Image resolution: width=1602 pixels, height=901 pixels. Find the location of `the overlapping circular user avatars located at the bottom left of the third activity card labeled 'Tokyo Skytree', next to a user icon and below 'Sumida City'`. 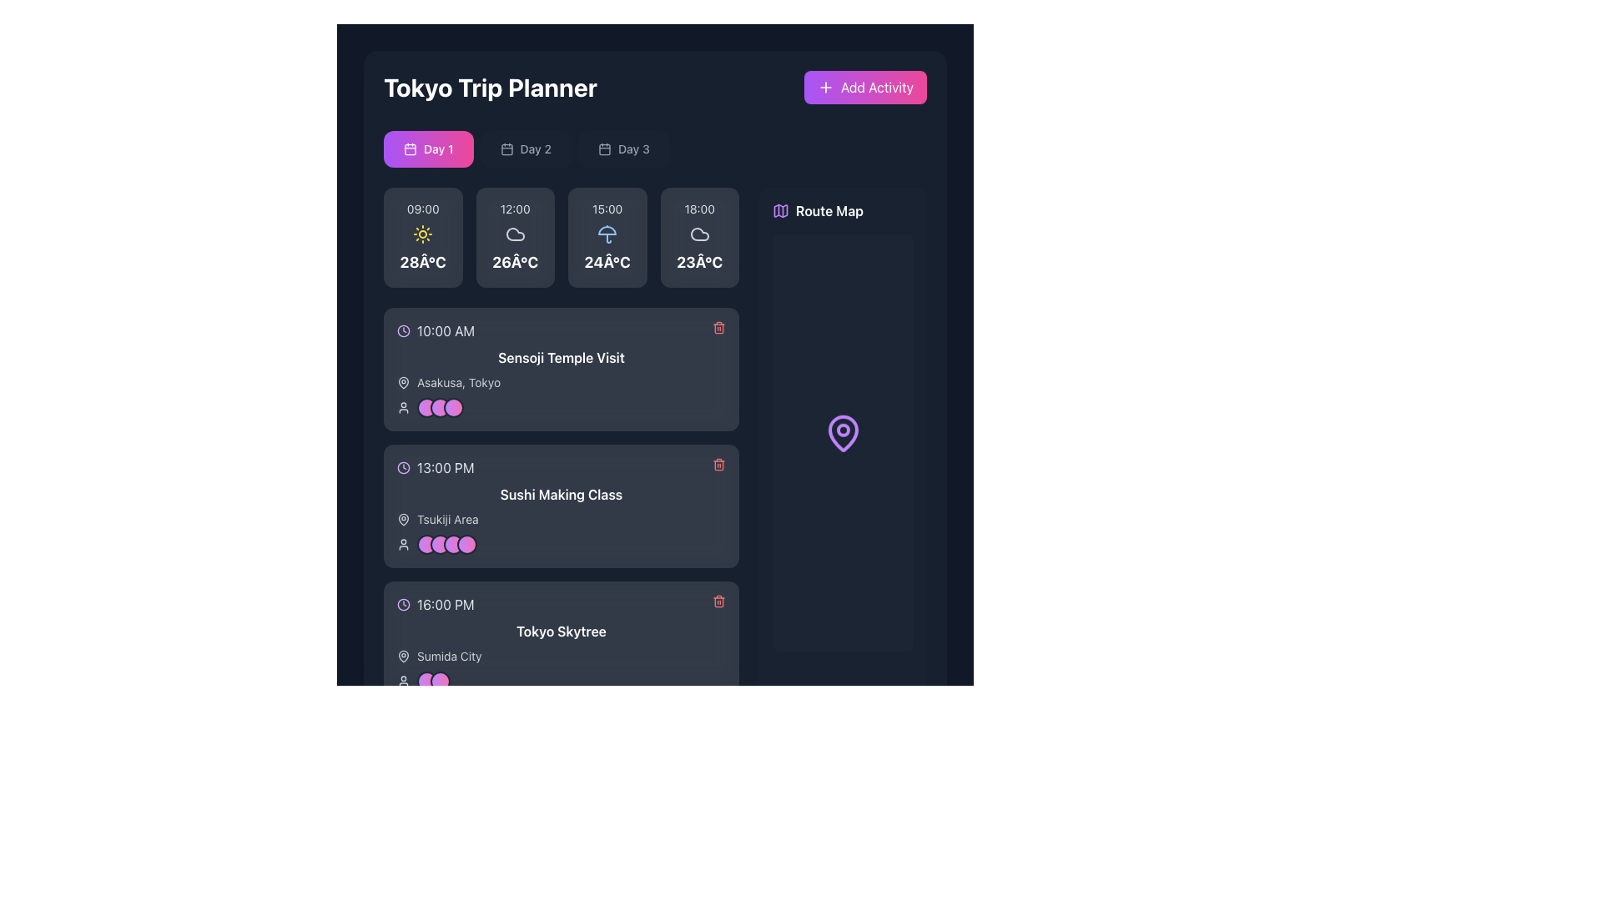

the overlapping circular user avatars located at the bottom left of the third activity card labeled 'Tokyo Skytree', next to a user icon and below 'Sumida City' is located at coordinates (433, 682).